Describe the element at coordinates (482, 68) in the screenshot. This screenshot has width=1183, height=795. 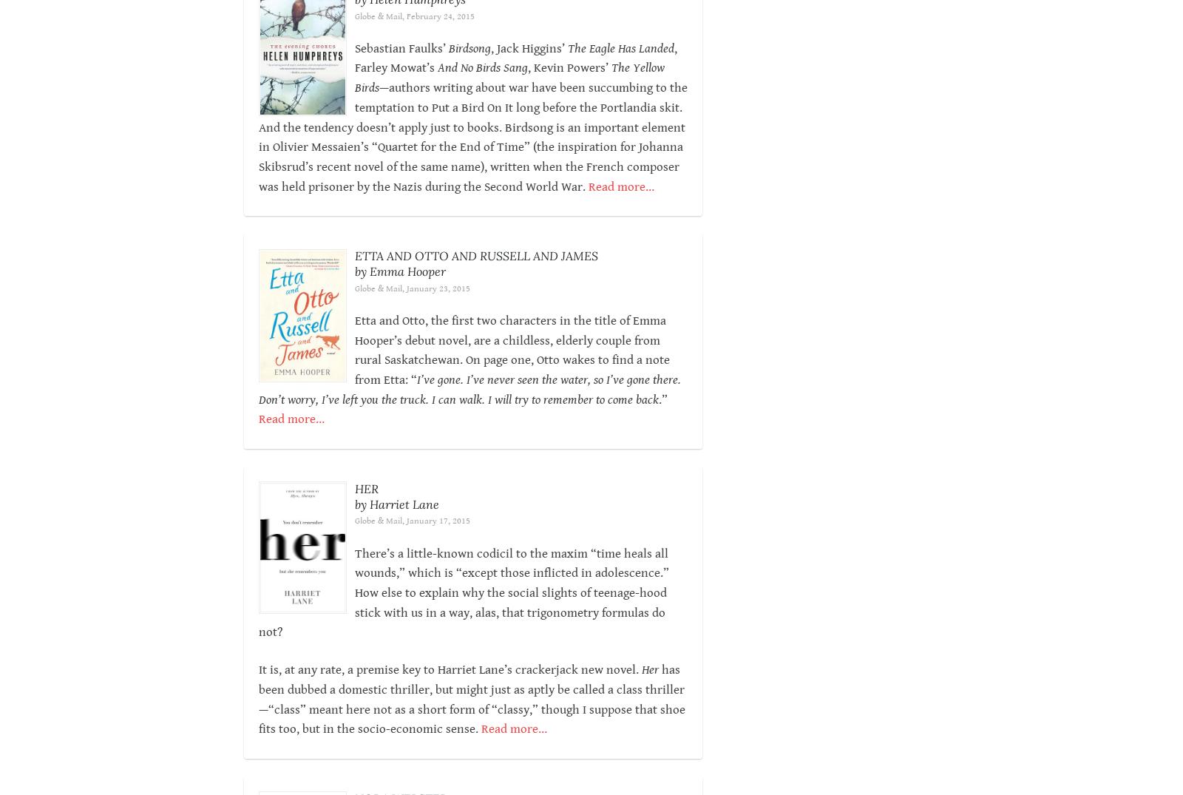
I see `'And No Birds Sang'` at that location.